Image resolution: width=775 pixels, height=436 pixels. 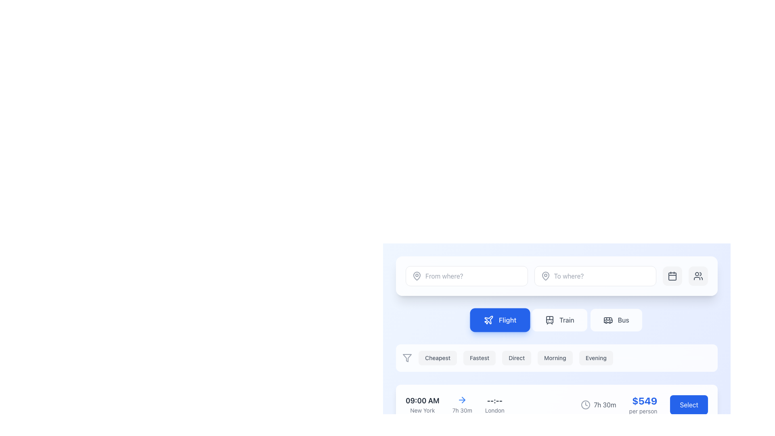 I want to click on the 'Train' button in the horizontal navigation bar, so click(x=566, y=320).